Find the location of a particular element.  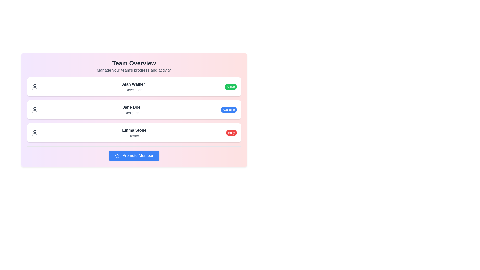

displayed information from the text label showing 'Alan Walker' with the role 'Developer', centrally located in the team member list below the 'Team Overview' title is located at coordinates (133, 86).